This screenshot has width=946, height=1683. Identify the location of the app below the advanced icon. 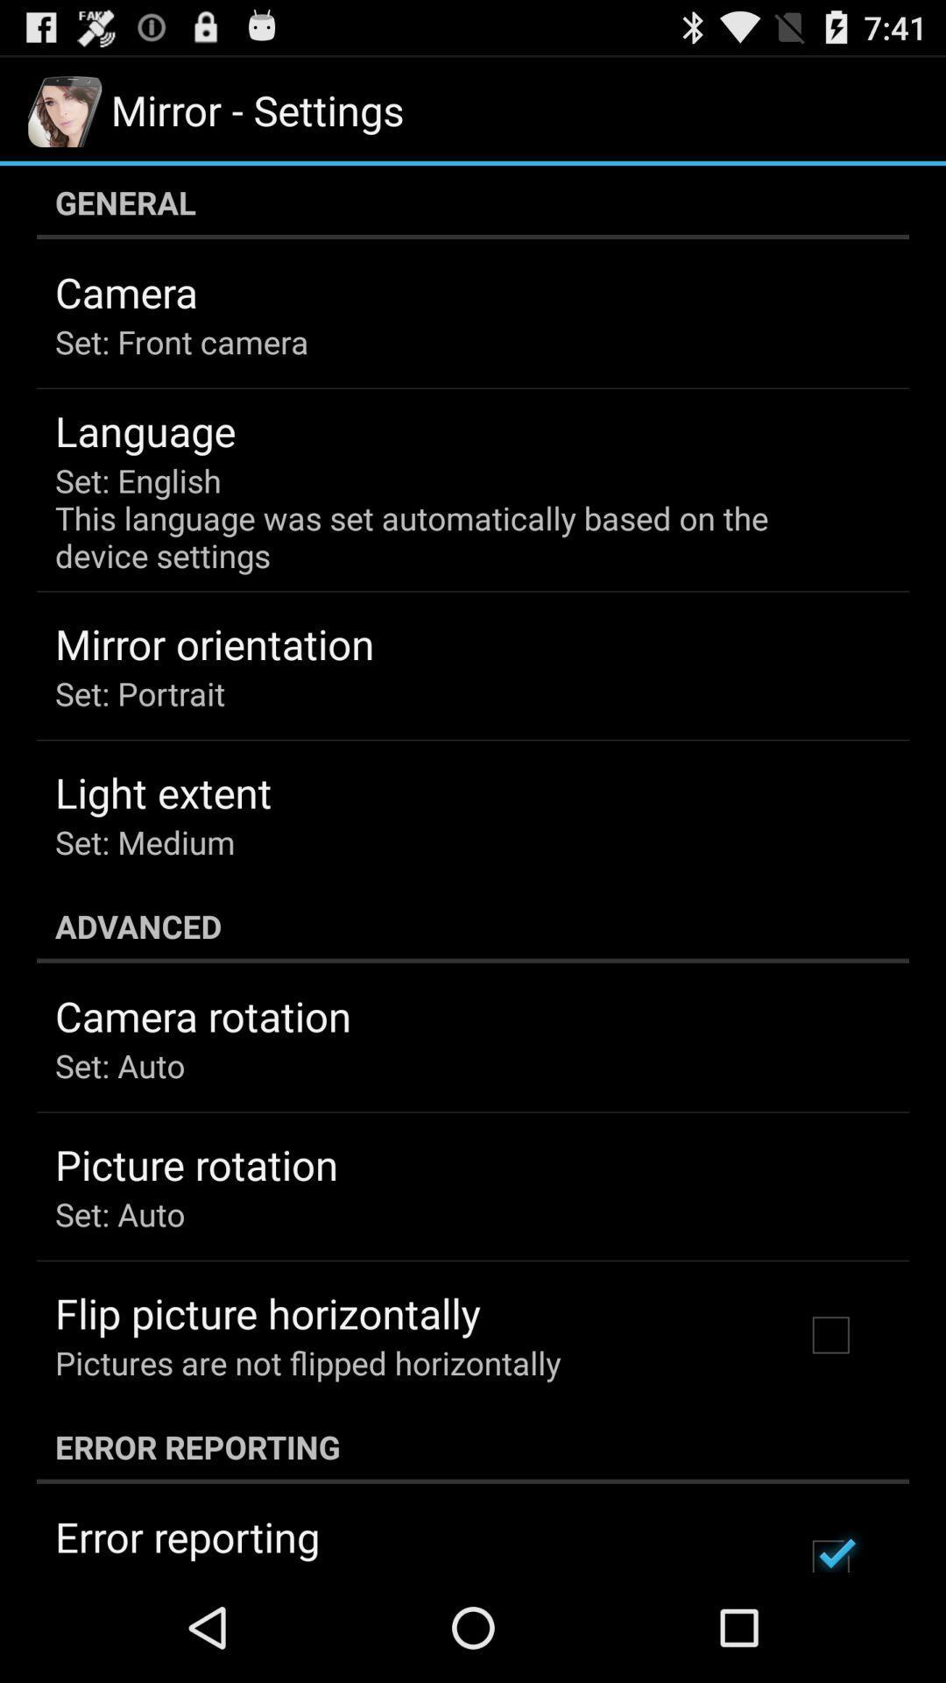
(202, 1016).